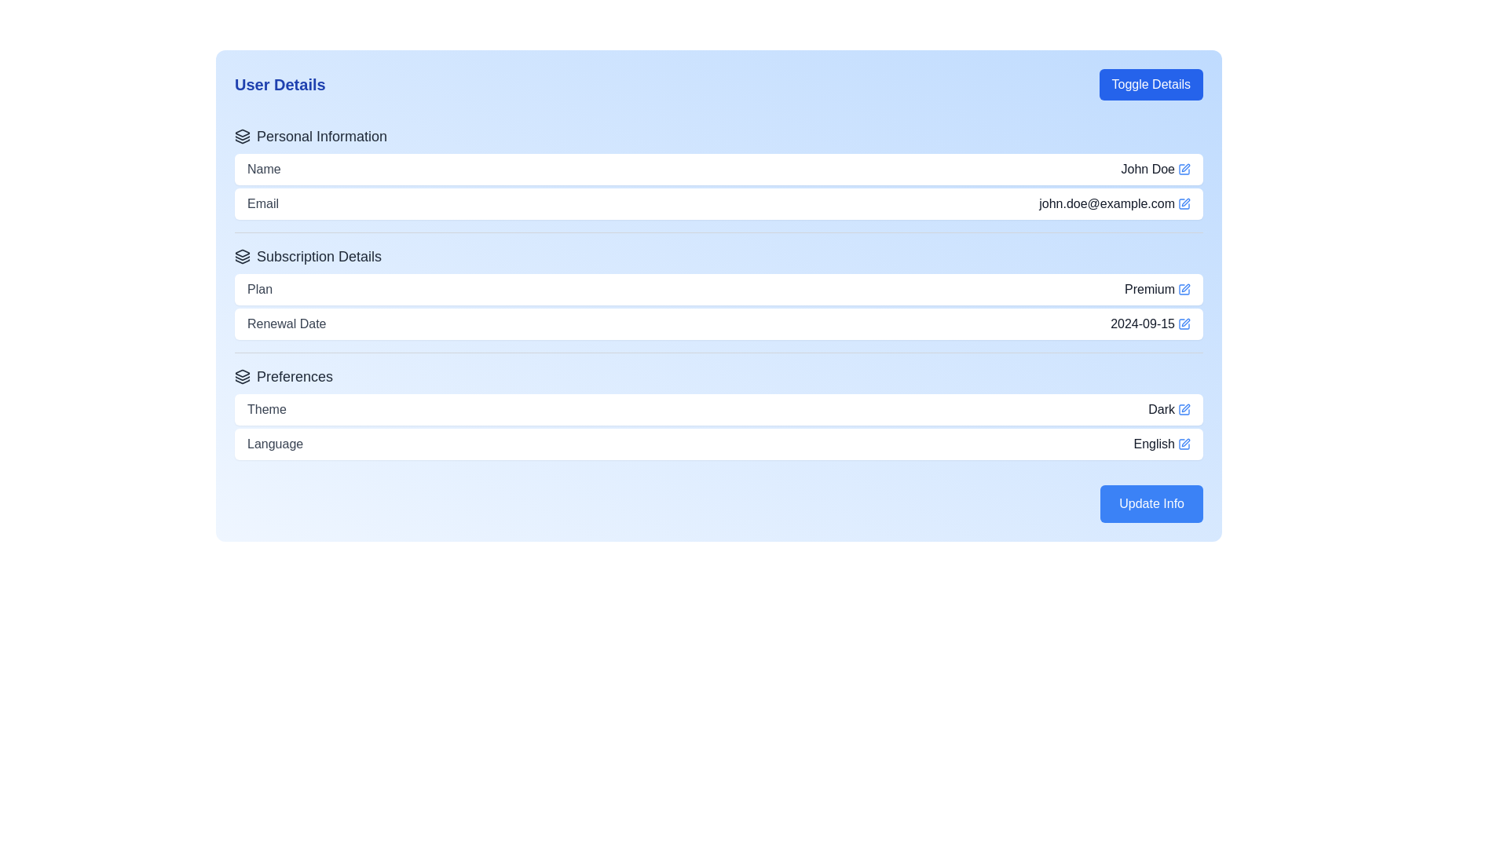 The height and width of the screenshot is (848, 1508). What do you see at coordinates (241, 135) in the screenshot?
I see `the icon representing 'layers' or 'stacked items', which is a black outline icon located to the left of the 'Personal Information' text label in the 'User Details' interface` at bounding box center [241, 135].